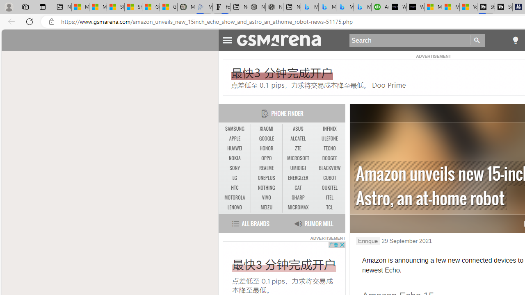  What do you see at coordinates (234, 129) in the screenshot?
I see `'SAMSUNG'` at bounding box center [234, 129].